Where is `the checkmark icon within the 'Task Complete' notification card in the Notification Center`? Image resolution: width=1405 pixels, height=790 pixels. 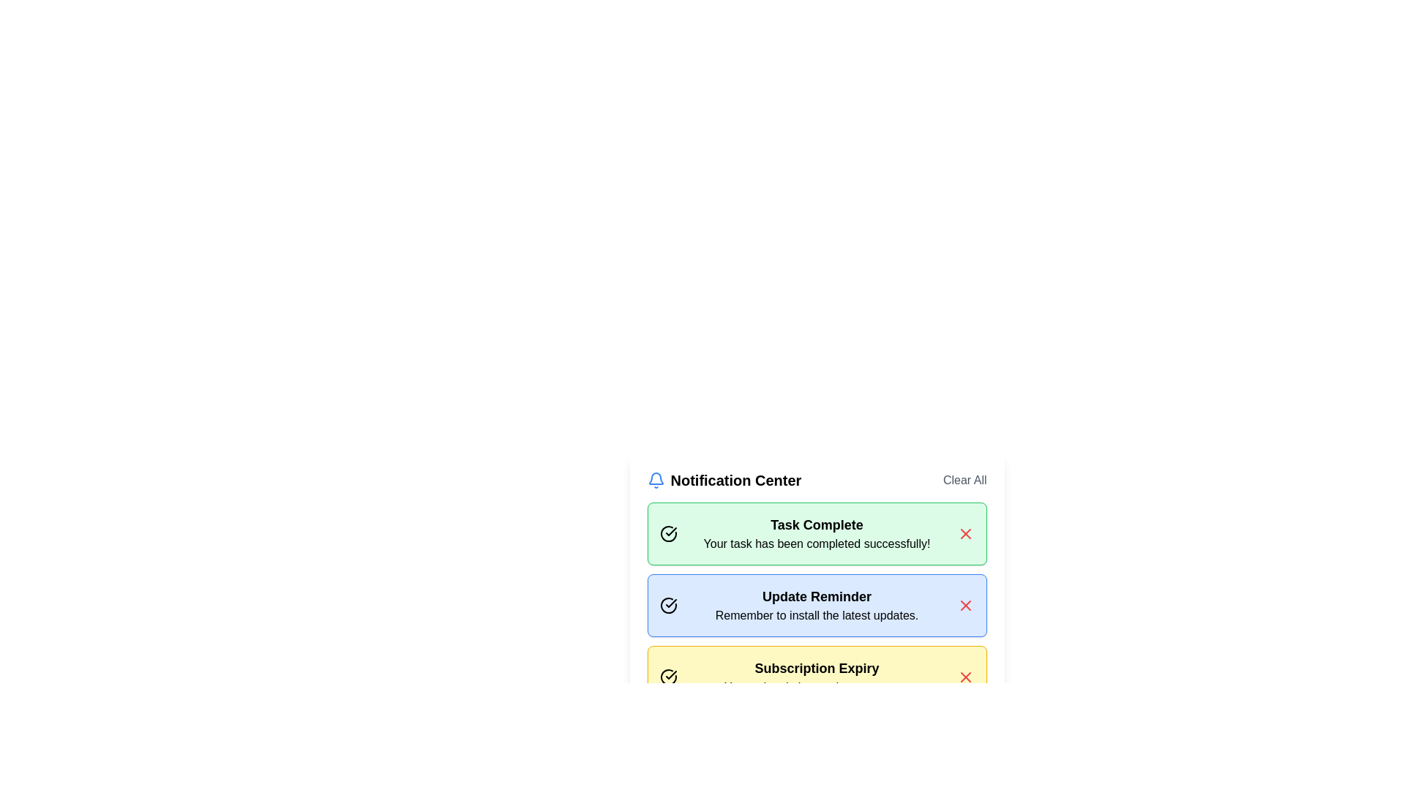 the checkmark icon within the 'Task Complete' notification card in the Notification Center is located at coordinates (670, 531).